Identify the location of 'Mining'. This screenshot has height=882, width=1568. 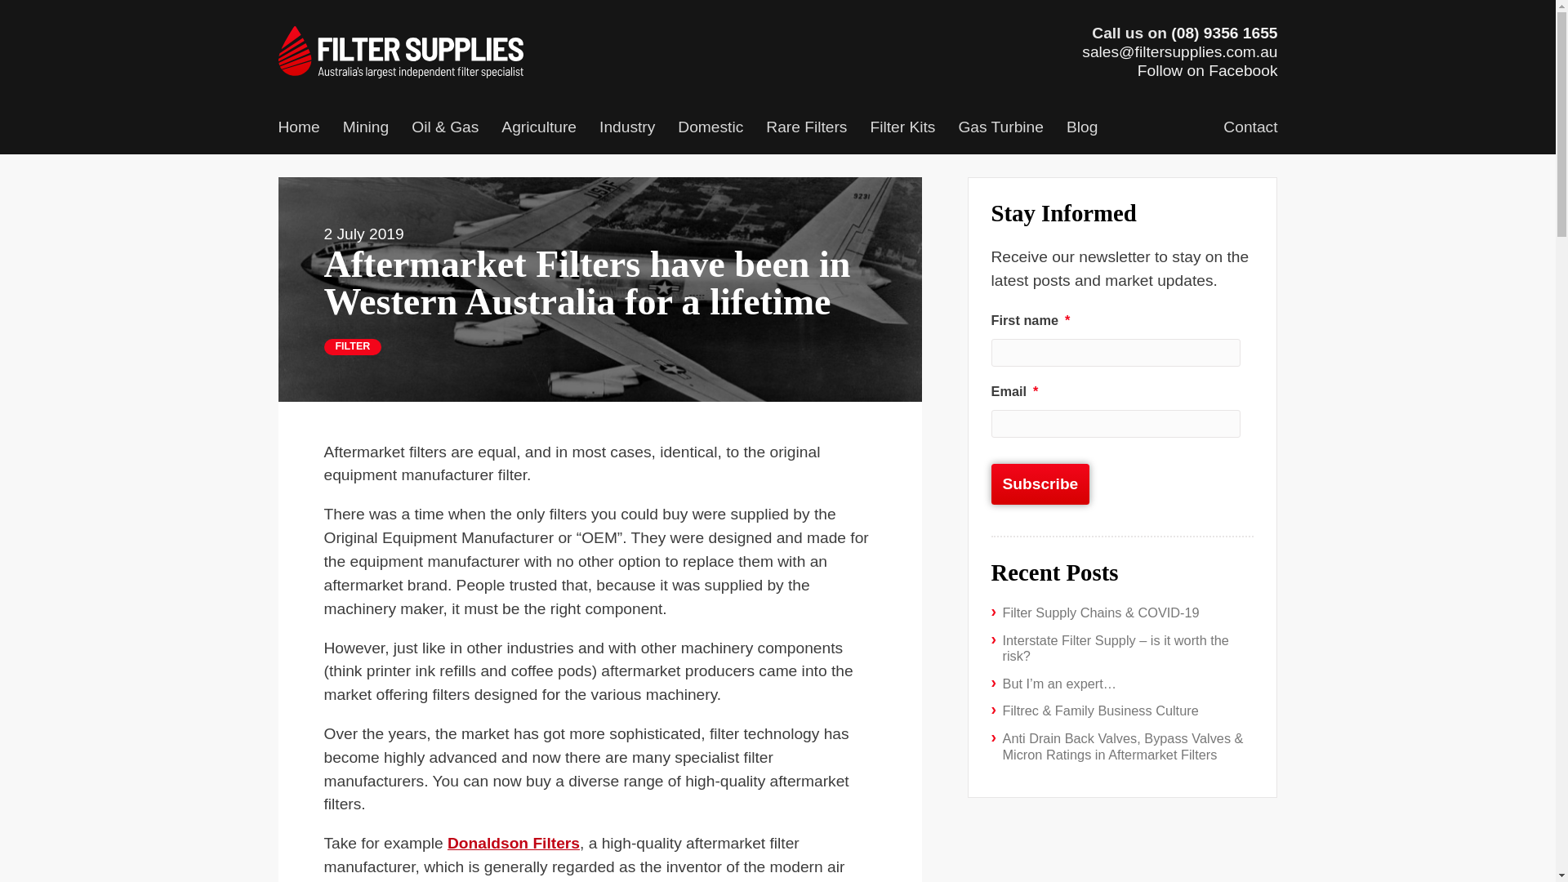
(365, 128).